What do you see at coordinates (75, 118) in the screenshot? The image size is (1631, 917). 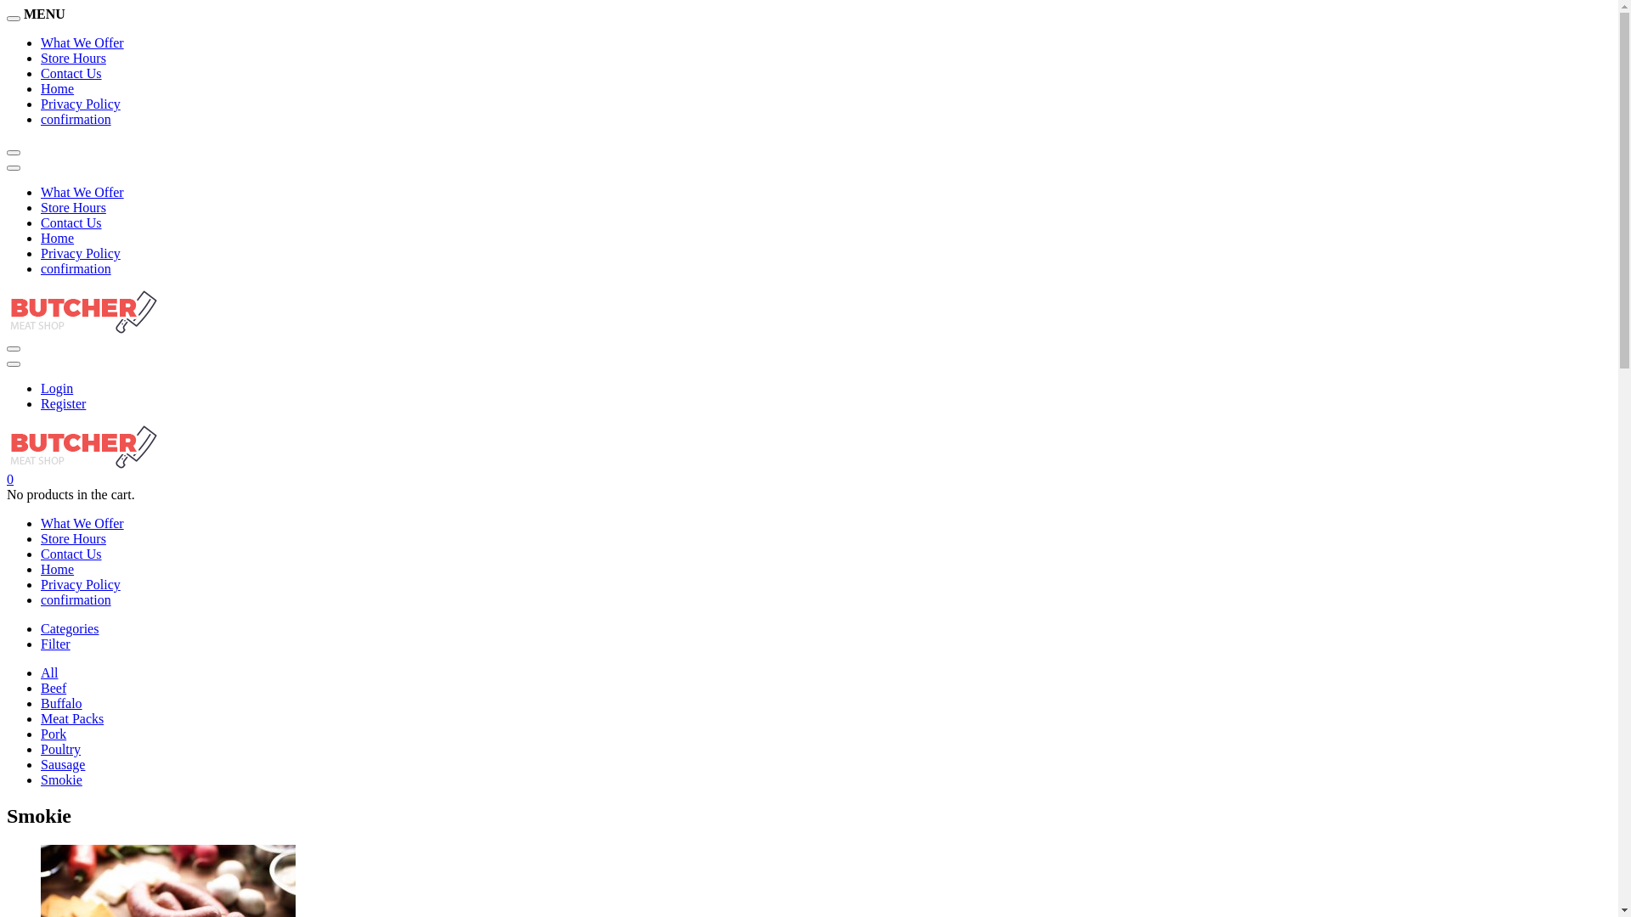 I see `'confirmation'` at bounding box center [75, 118].